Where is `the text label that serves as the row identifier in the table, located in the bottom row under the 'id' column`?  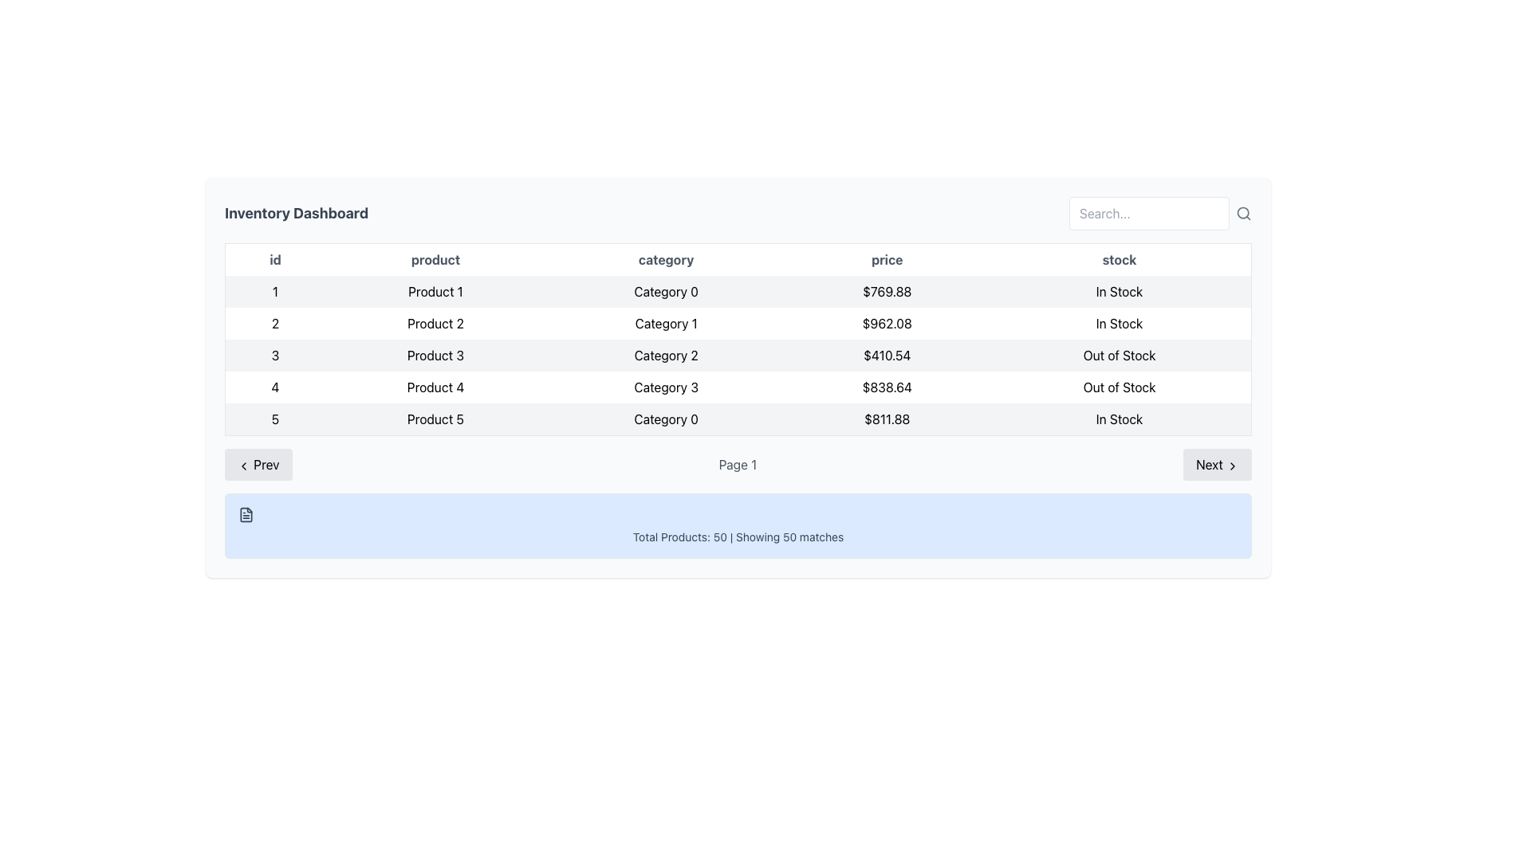
the text label that serves as the row identifier in the table, located in the bottom row under the 'id' column is located at coordinates (275, 419).